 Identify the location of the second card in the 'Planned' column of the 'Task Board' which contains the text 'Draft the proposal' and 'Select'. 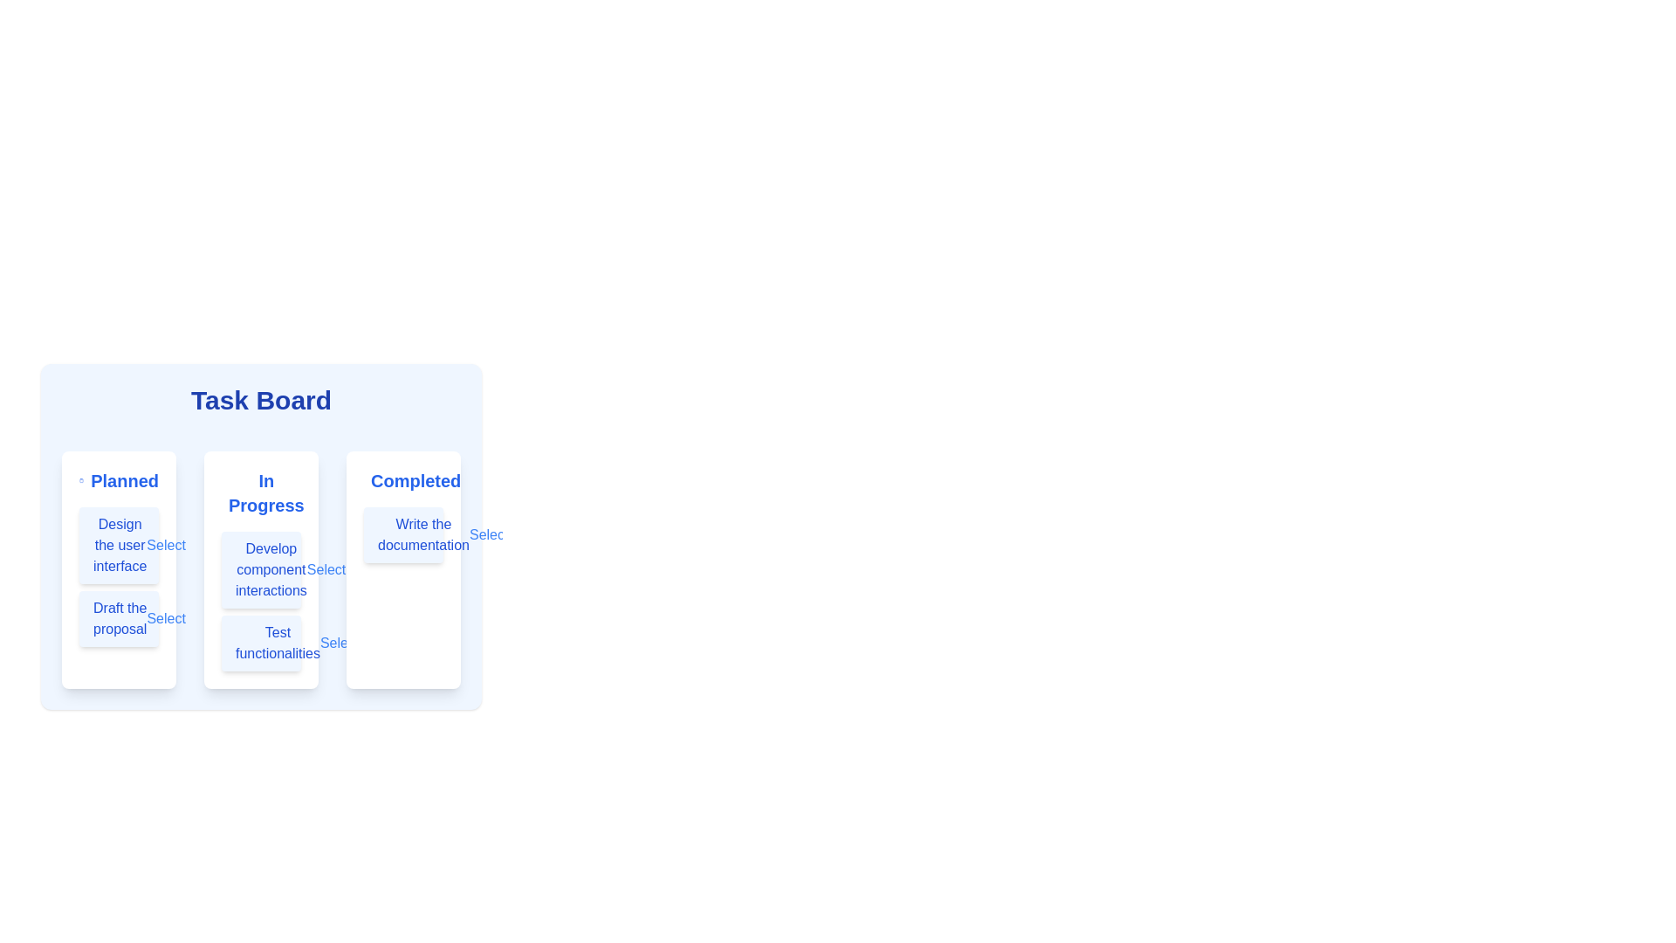
(118, 618).